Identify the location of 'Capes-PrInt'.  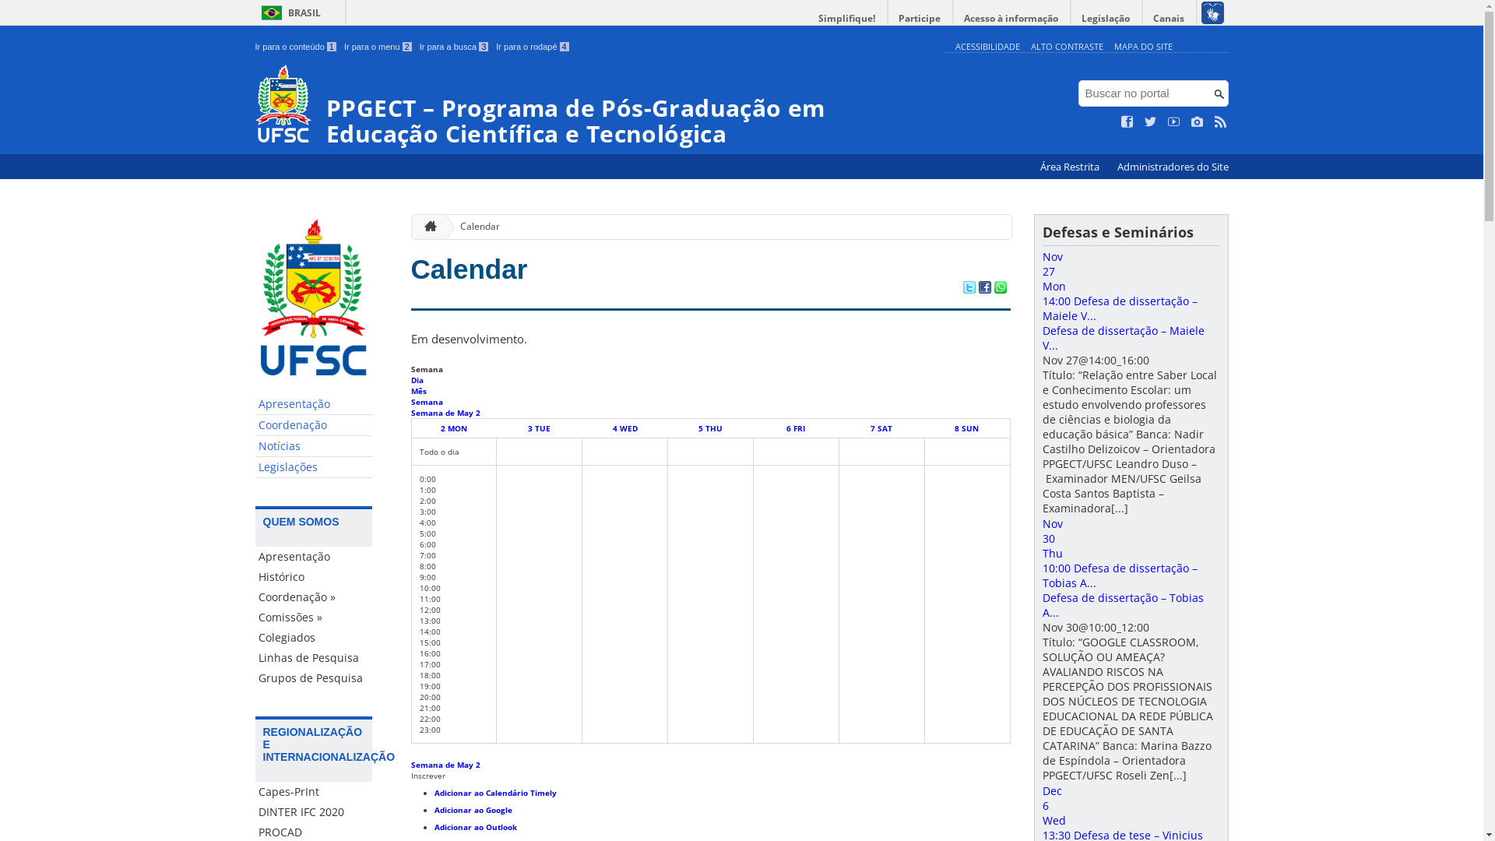
(313, 792).